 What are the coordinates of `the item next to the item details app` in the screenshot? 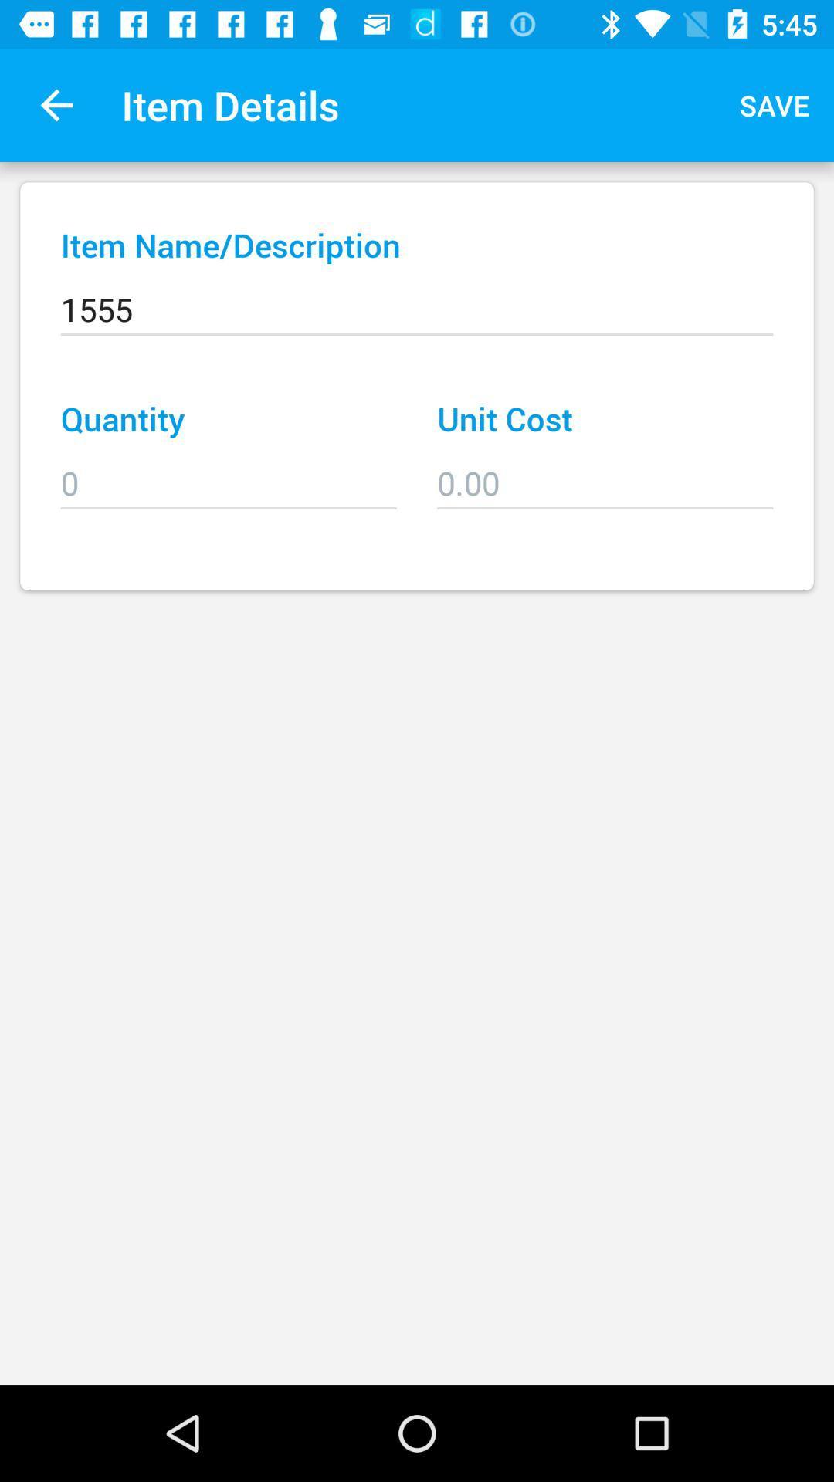 It's located at (56, 104).